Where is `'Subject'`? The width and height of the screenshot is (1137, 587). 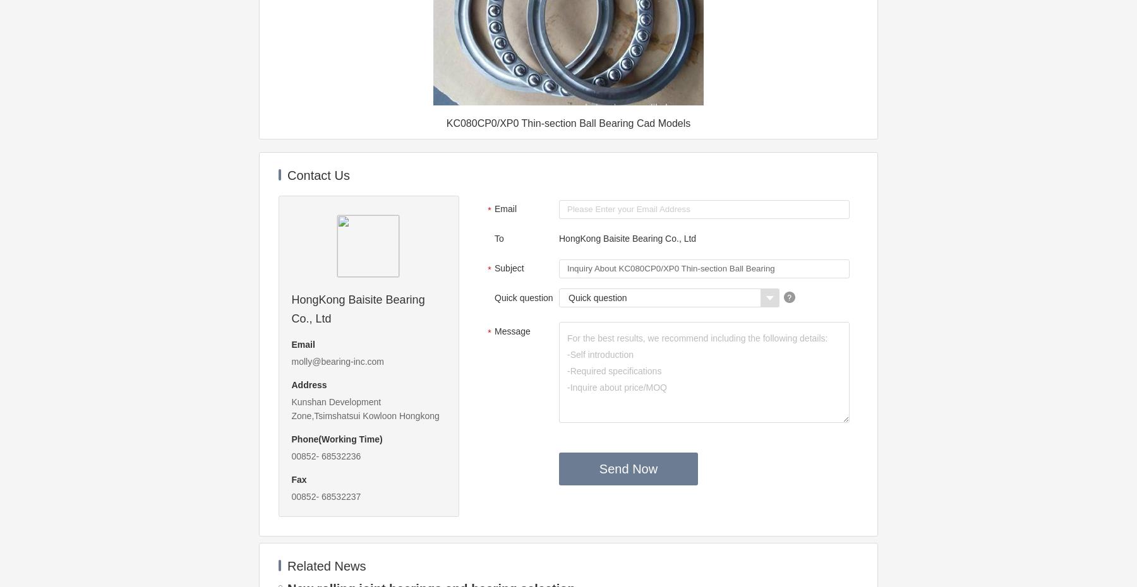
'Subject' is located at coordinates (509, 268).